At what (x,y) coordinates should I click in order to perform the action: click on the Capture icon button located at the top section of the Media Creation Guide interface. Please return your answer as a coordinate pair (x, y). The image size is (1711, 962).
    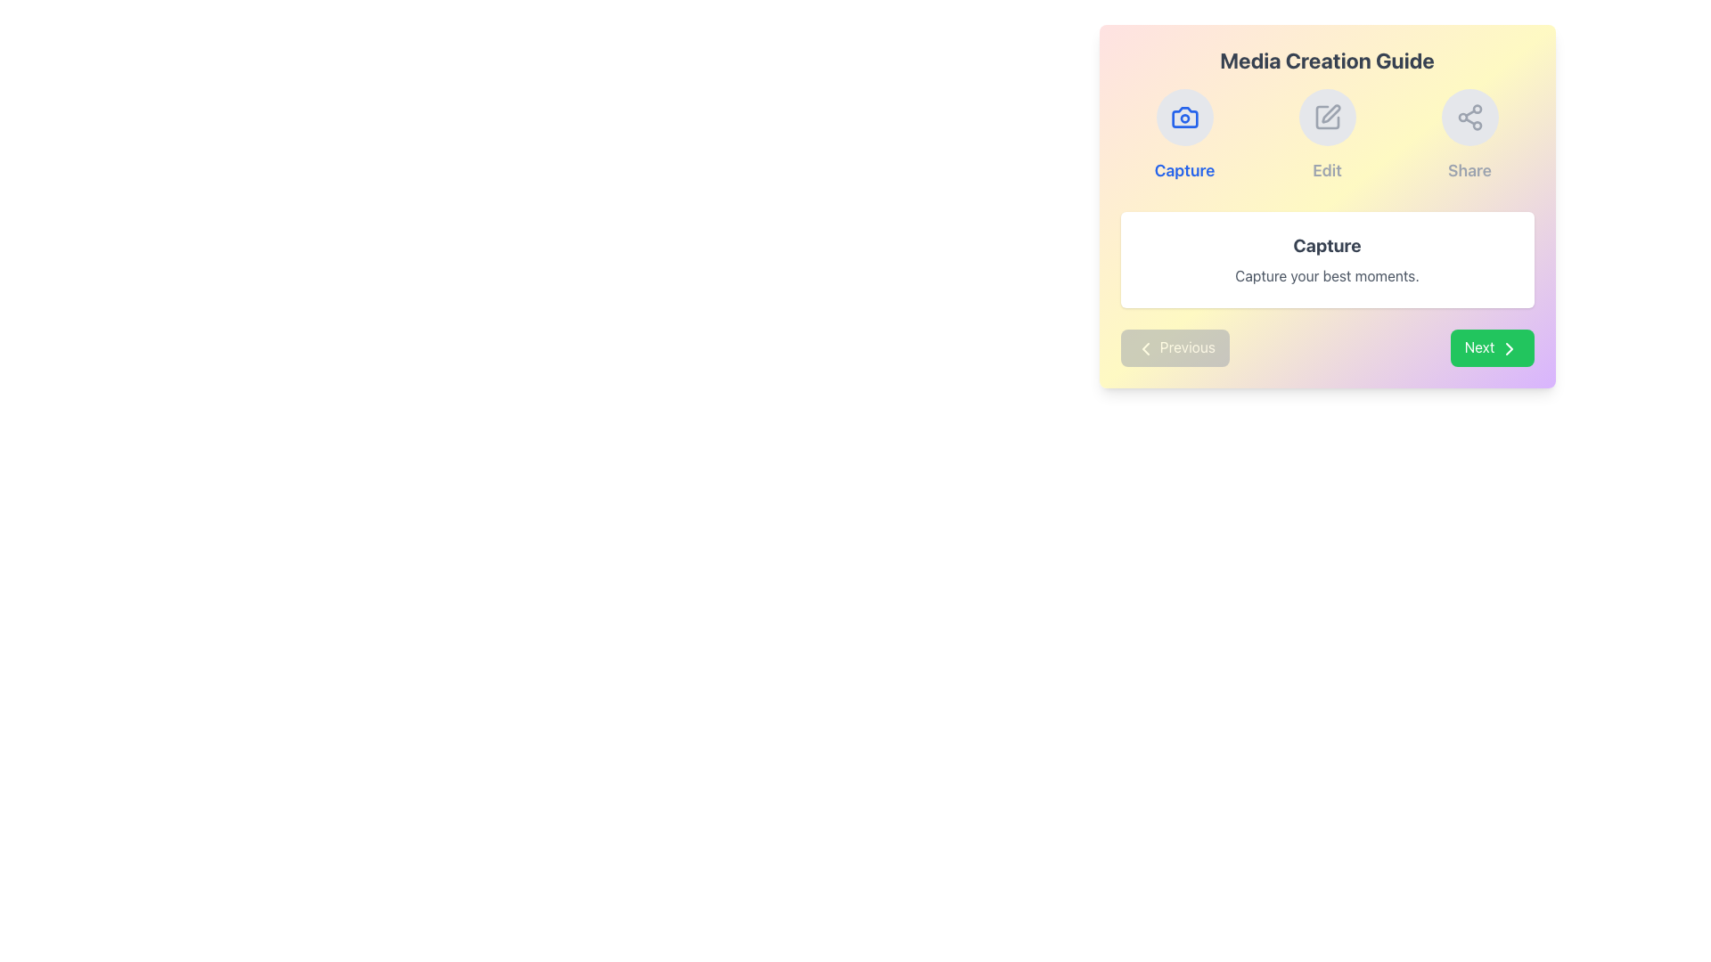
    Looking at the image, I should click on (1184, 117).